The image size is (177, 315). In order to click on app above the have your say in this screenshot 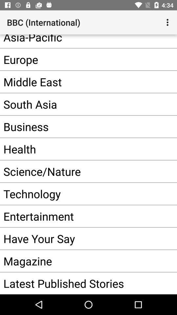, I will do `click(82, 216)`.